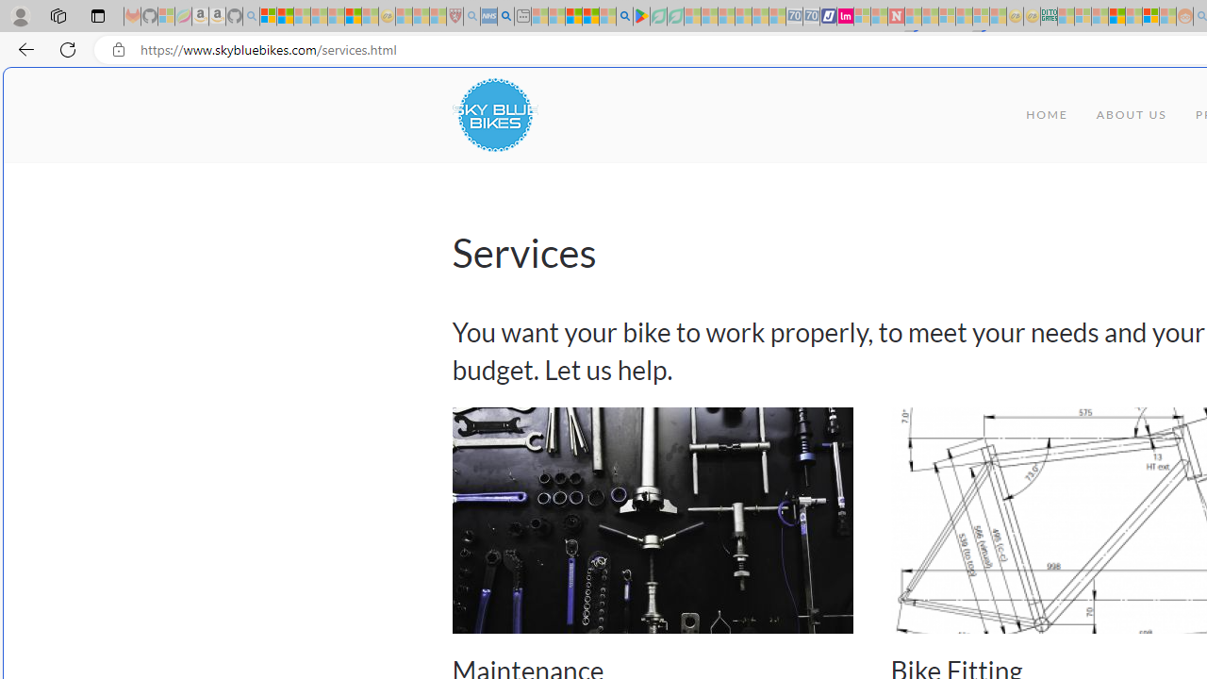 This screenshot has width=1207, height=679. What do you see at coordinates (1132, 115) in the screenshot?
I see `'ABOUT US'` at bounding box center [1132, 115].